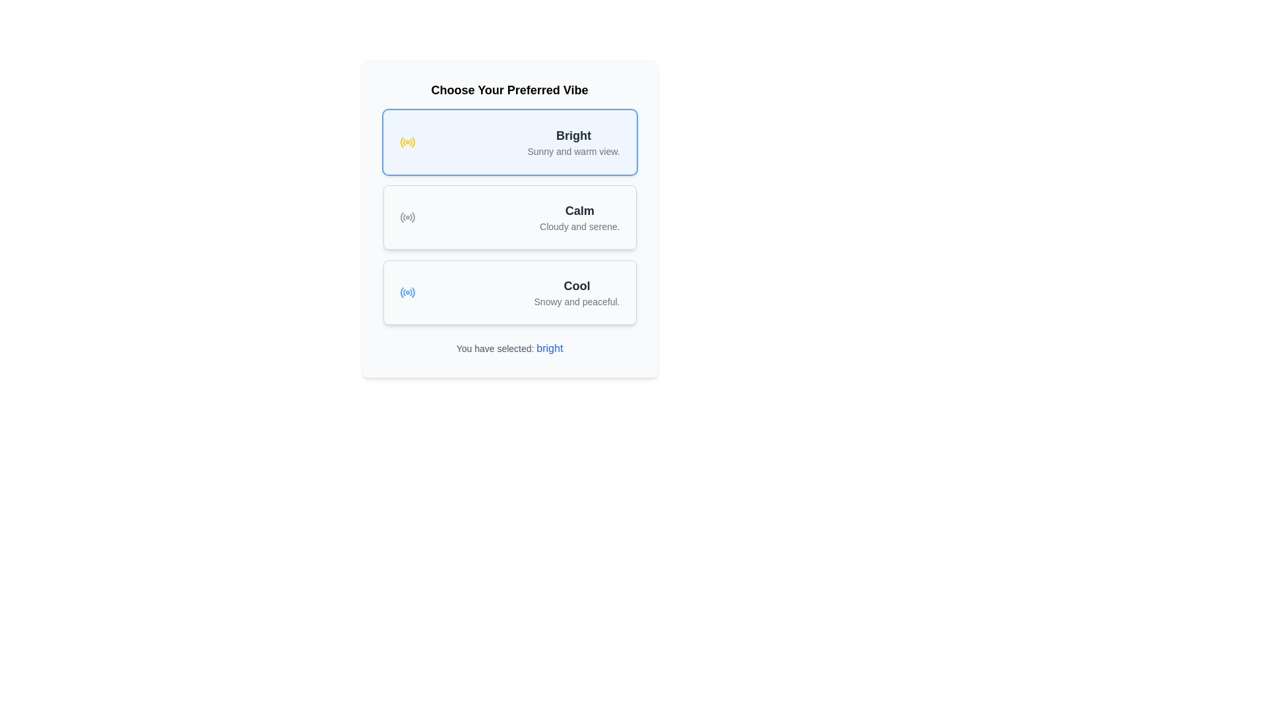  I want to click on the second card in a vertically stacked group of three cards, so click(509, 217).